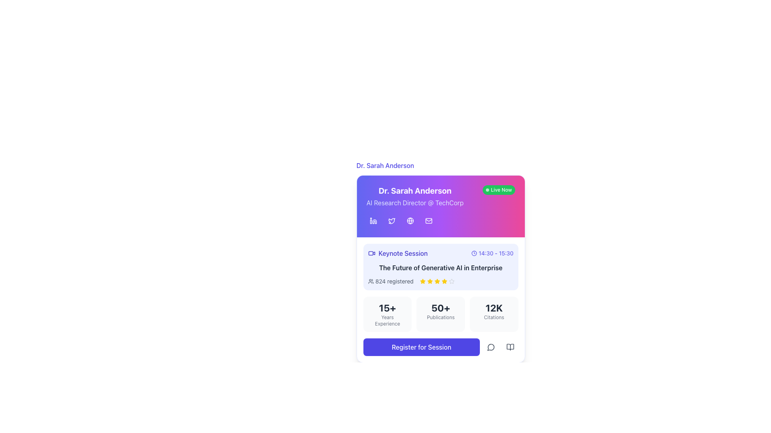 The height and width of the screenshot is (433, 771). Describe the element at coordinates (436, 281) in the screenshot. I see `the star rating display component, which consists of five star icons, four filled with yellow and one gray, located below '824 registered' and above session statistics` at that location.